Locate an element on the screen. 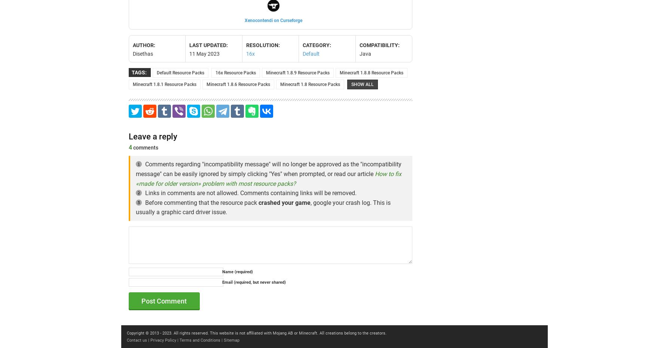 Image resolution: width=669 pixels, height=348 pixels. '4' is located at coordinates (128, 147).